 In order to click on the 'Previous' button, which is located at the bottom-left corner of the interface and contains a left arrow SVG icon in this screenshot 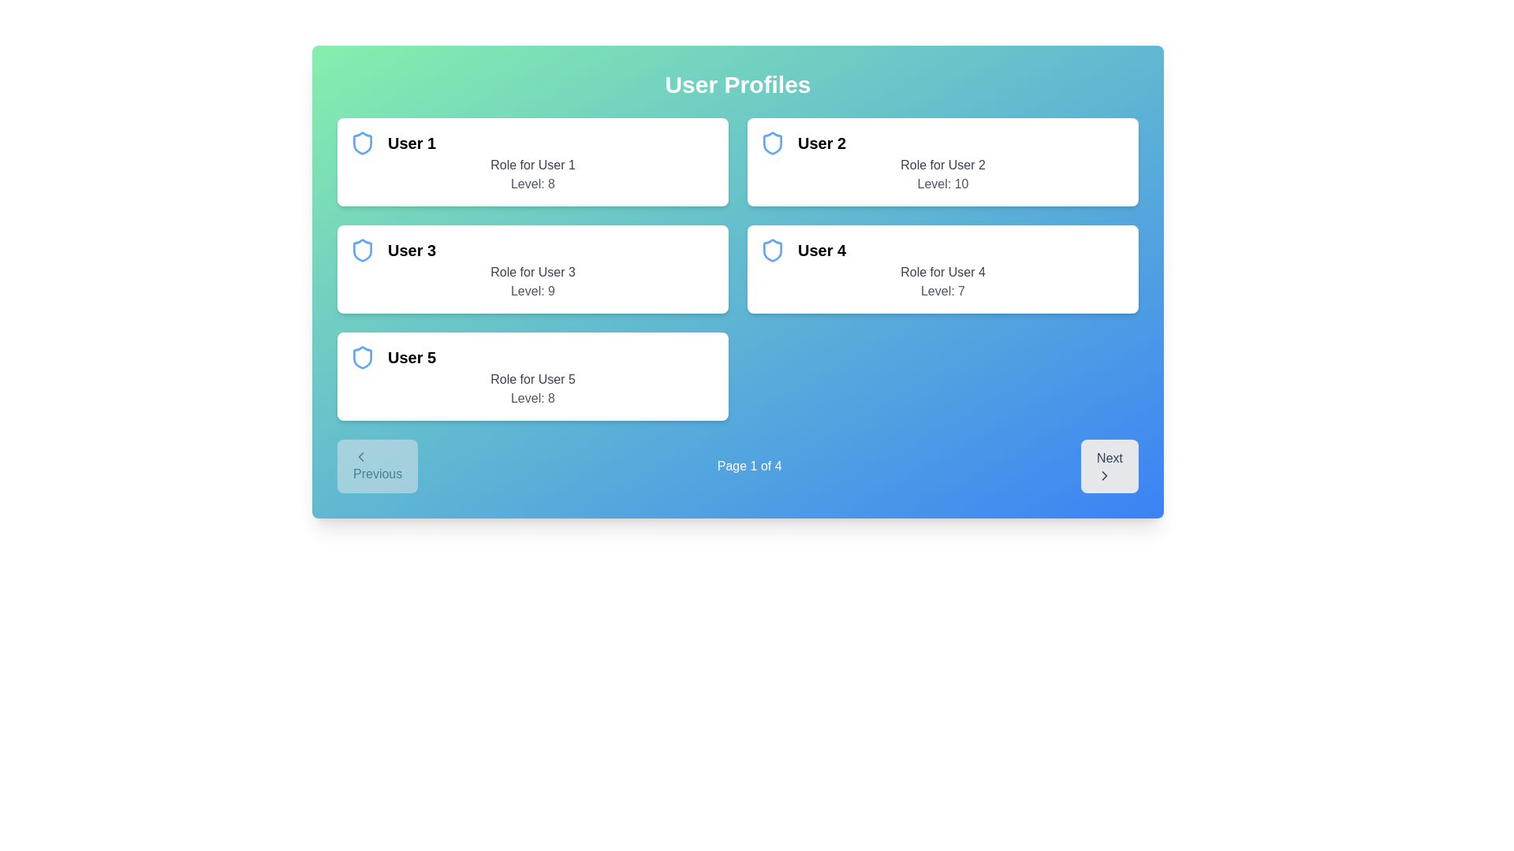, I will do `click(360, 456)`.